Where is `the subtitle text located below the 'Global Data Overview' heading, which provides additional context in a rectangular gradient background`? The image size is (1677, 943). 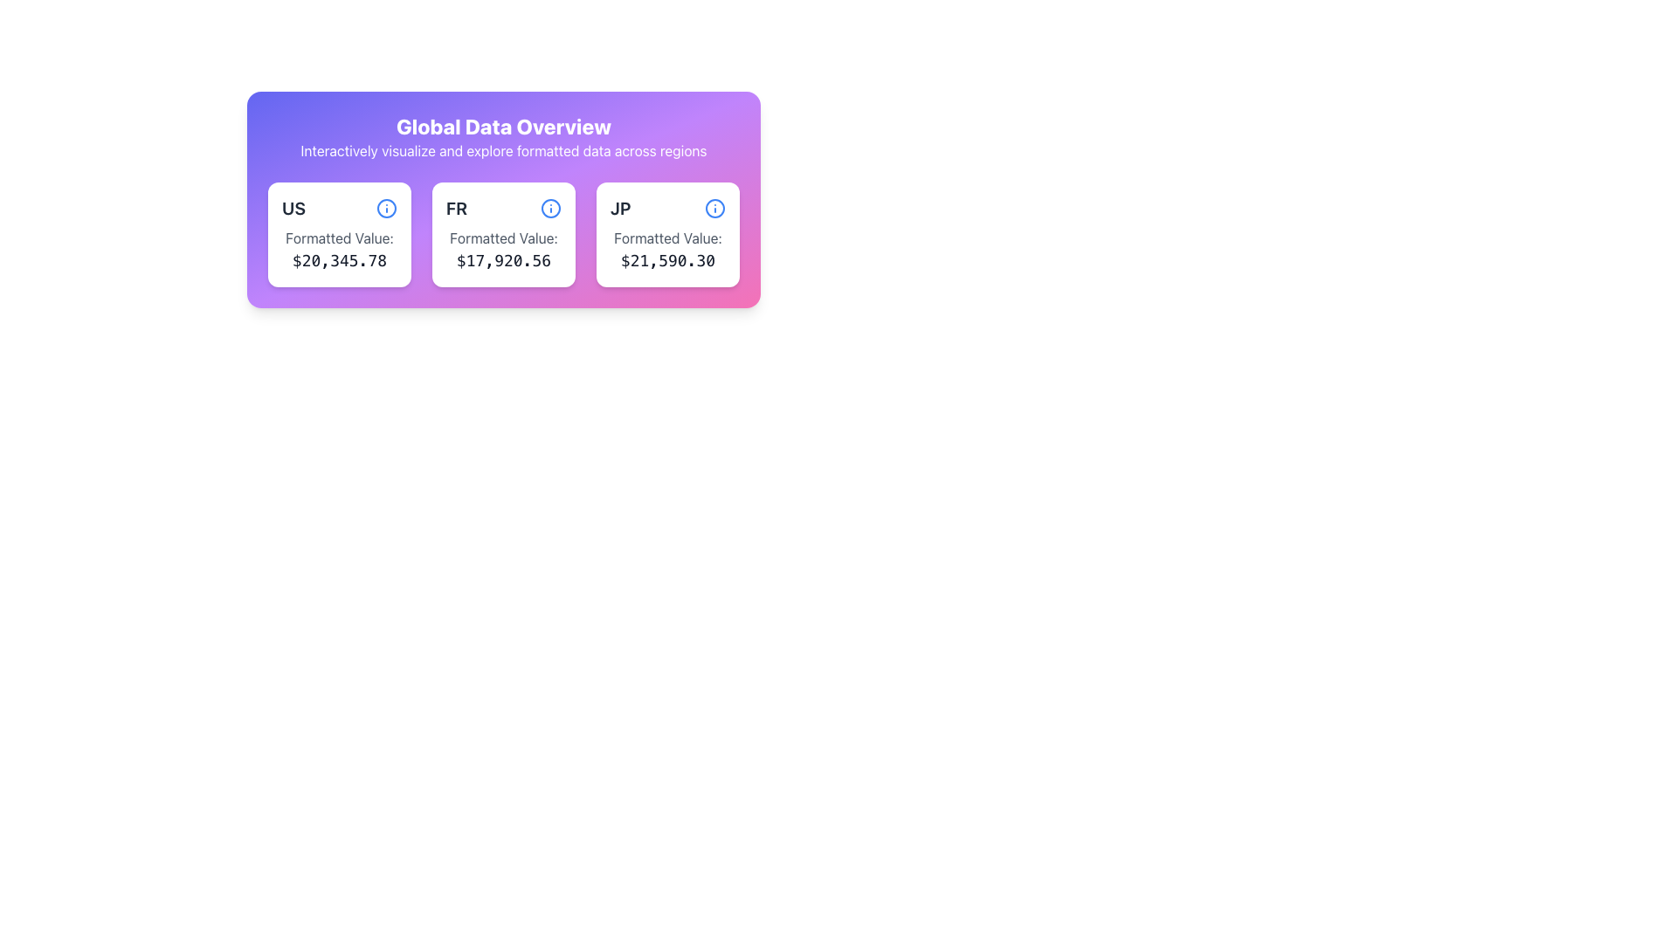 the subtitle text located below the 'Global Data Overview' heading, which provides additional context in a rectangular gradient background is located at coordinates (502, 150).